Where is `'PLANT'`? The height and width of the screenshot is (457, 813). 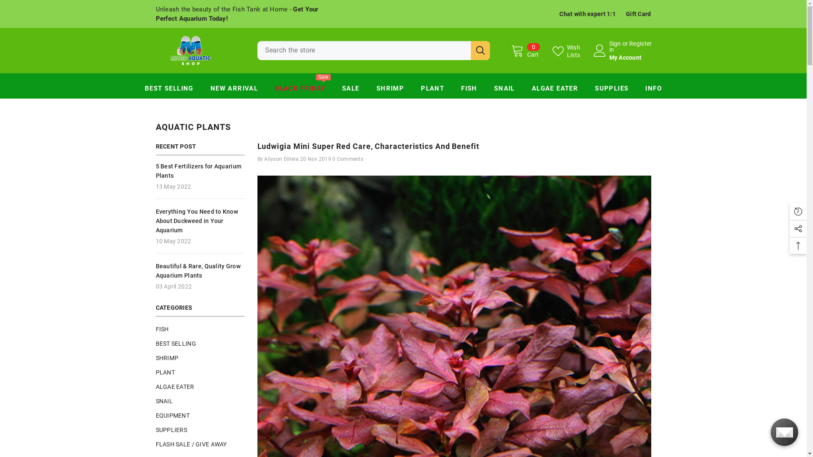 'PLANT' is located at coordinates (156, 372).